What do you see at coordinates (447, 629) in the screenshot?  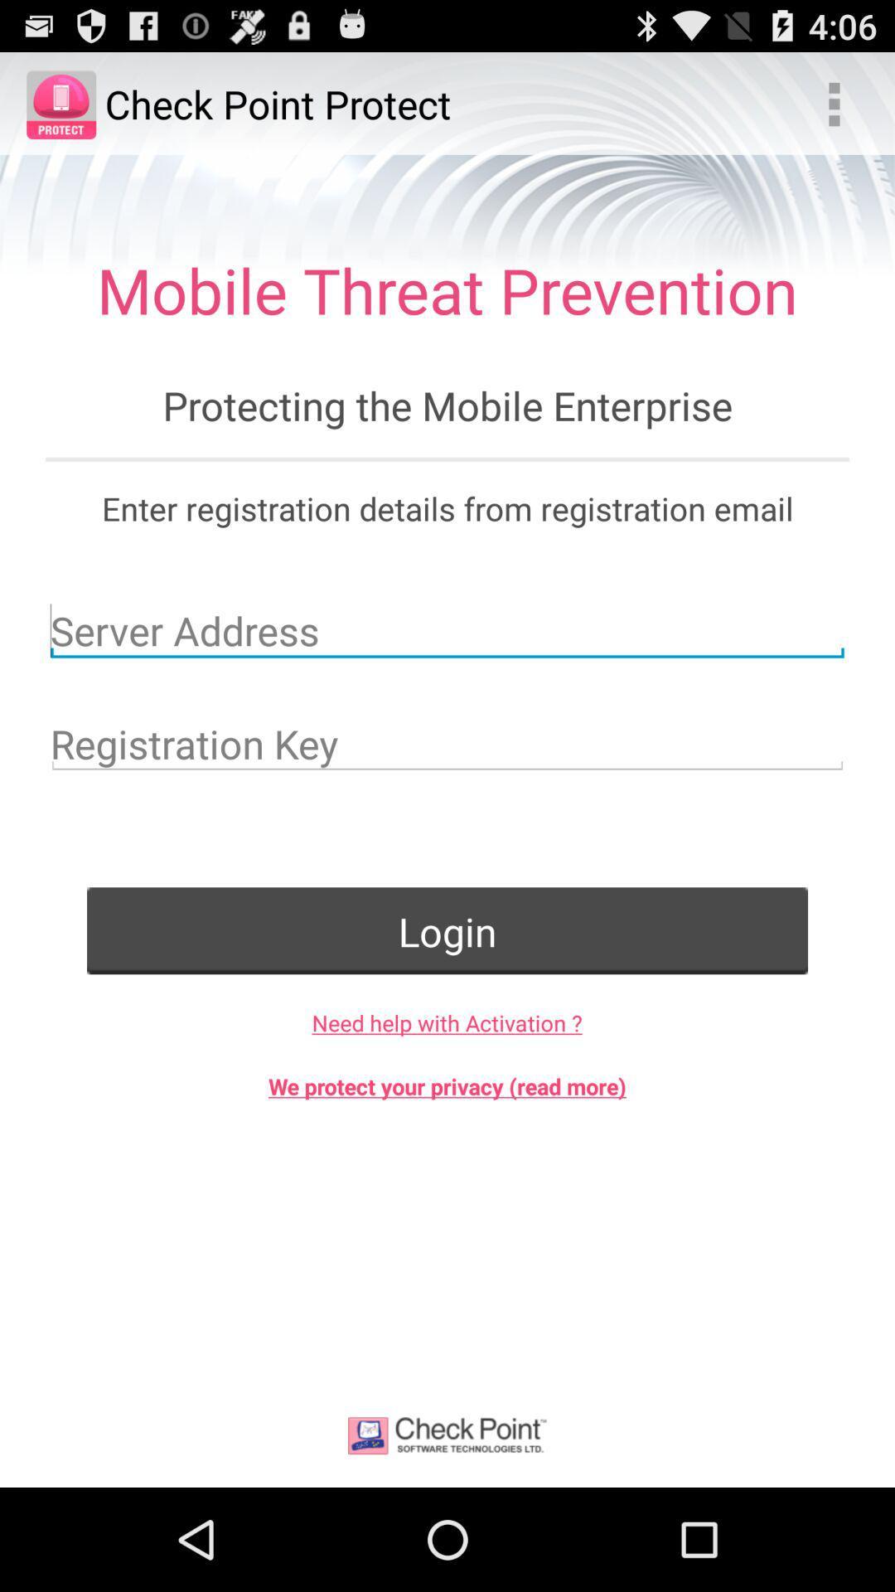 I see `the address for the server` at bounding box center [447, 629].